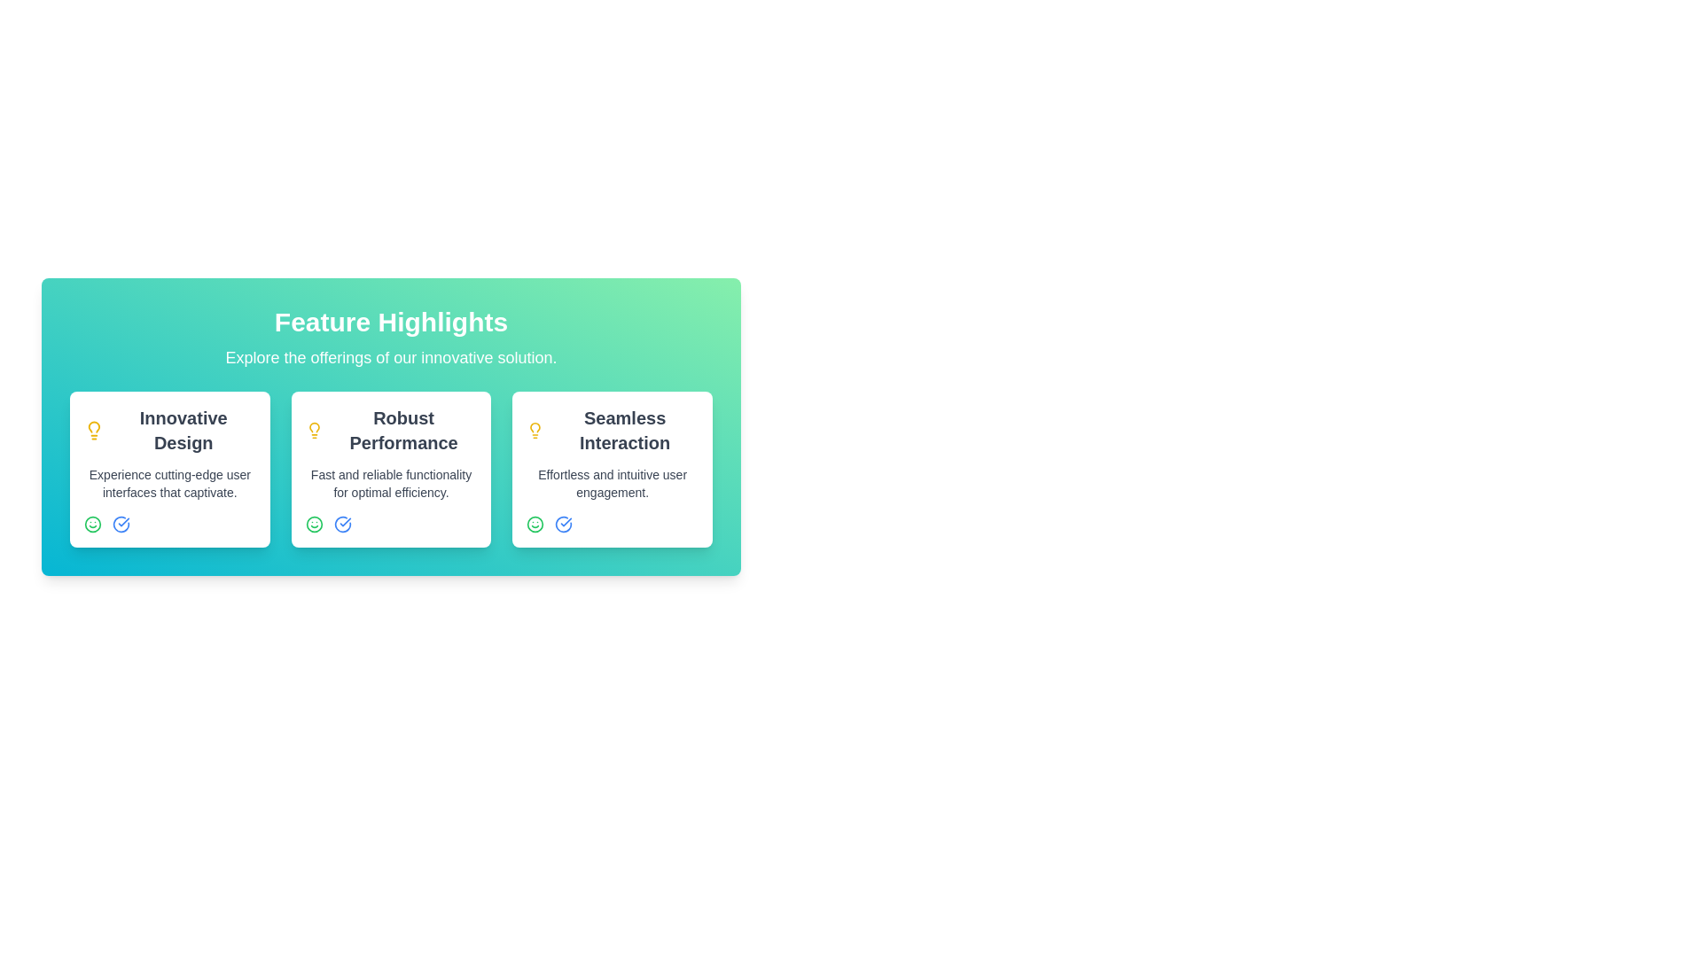 This screenshot has width=1702, height=957. What do you see at coordinates (342, 523) in the screenshot?
I see `the circular blue icon with a checkmark inside, which is the second icon in the row of three within the feature card group` at bounding box center [342, 523].